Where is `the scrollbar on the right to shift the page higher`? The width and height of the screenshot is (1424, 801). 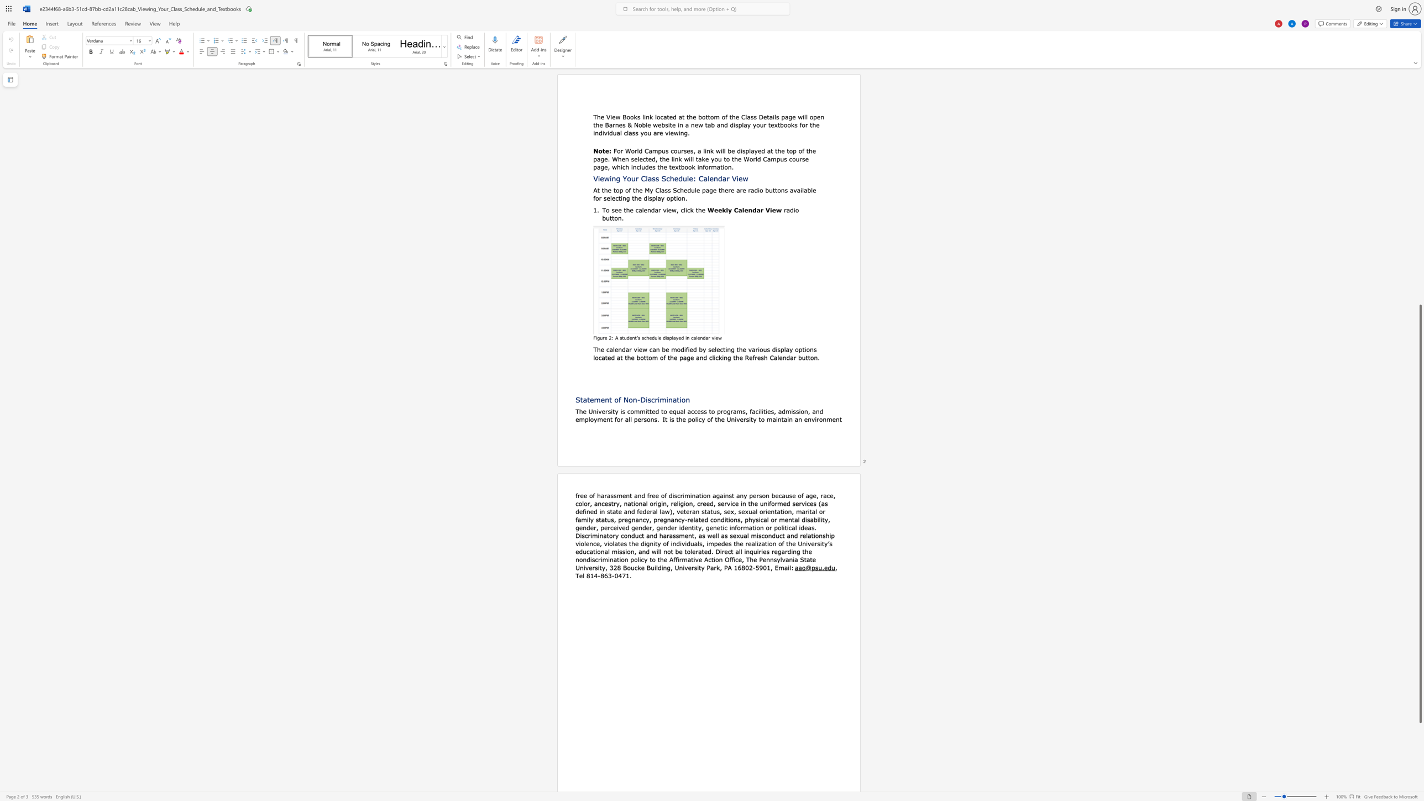
the scrollbar on the right to shift the page higher is located at coordinates (1420, 140).